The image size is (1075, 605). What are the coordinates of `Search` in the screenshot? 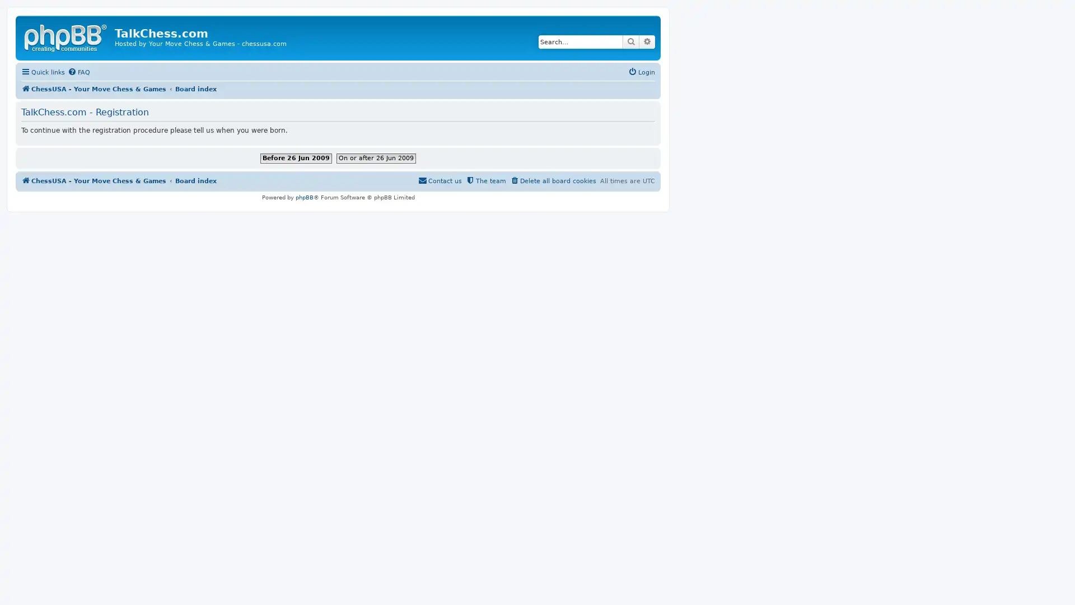 It's located at (631, 41).